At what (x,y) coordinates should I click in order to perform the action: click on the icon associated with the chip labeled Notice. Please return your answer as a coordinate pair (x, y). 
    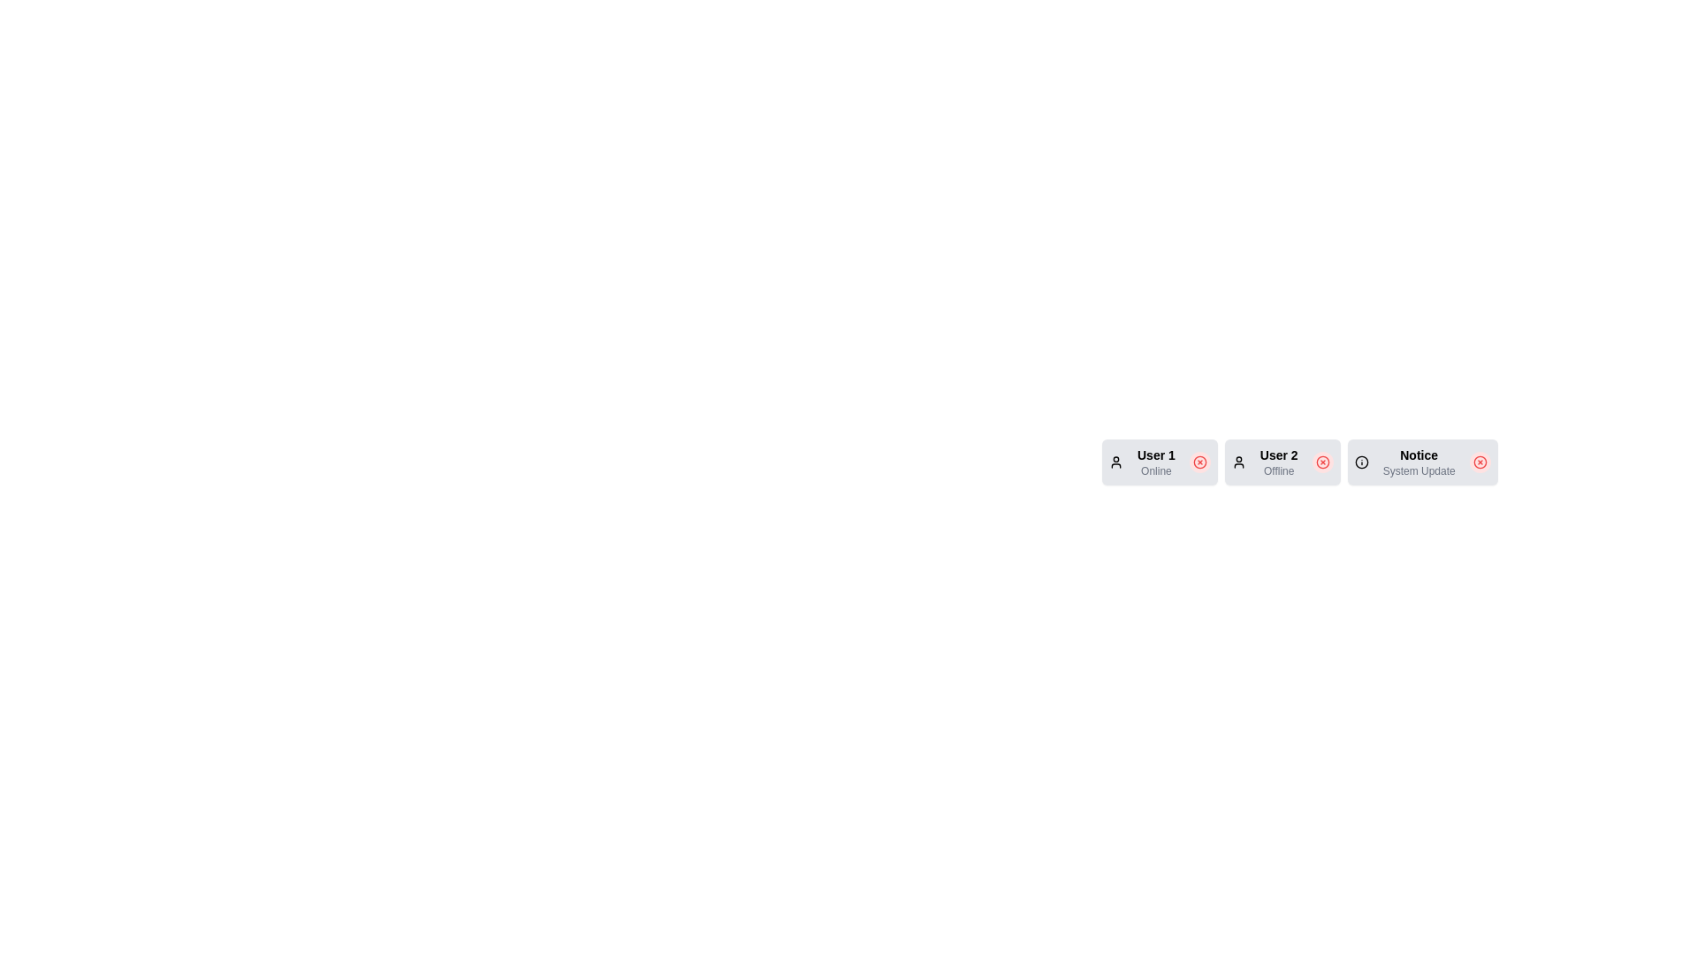
    Looking at the image, I should click on (1360, 462).